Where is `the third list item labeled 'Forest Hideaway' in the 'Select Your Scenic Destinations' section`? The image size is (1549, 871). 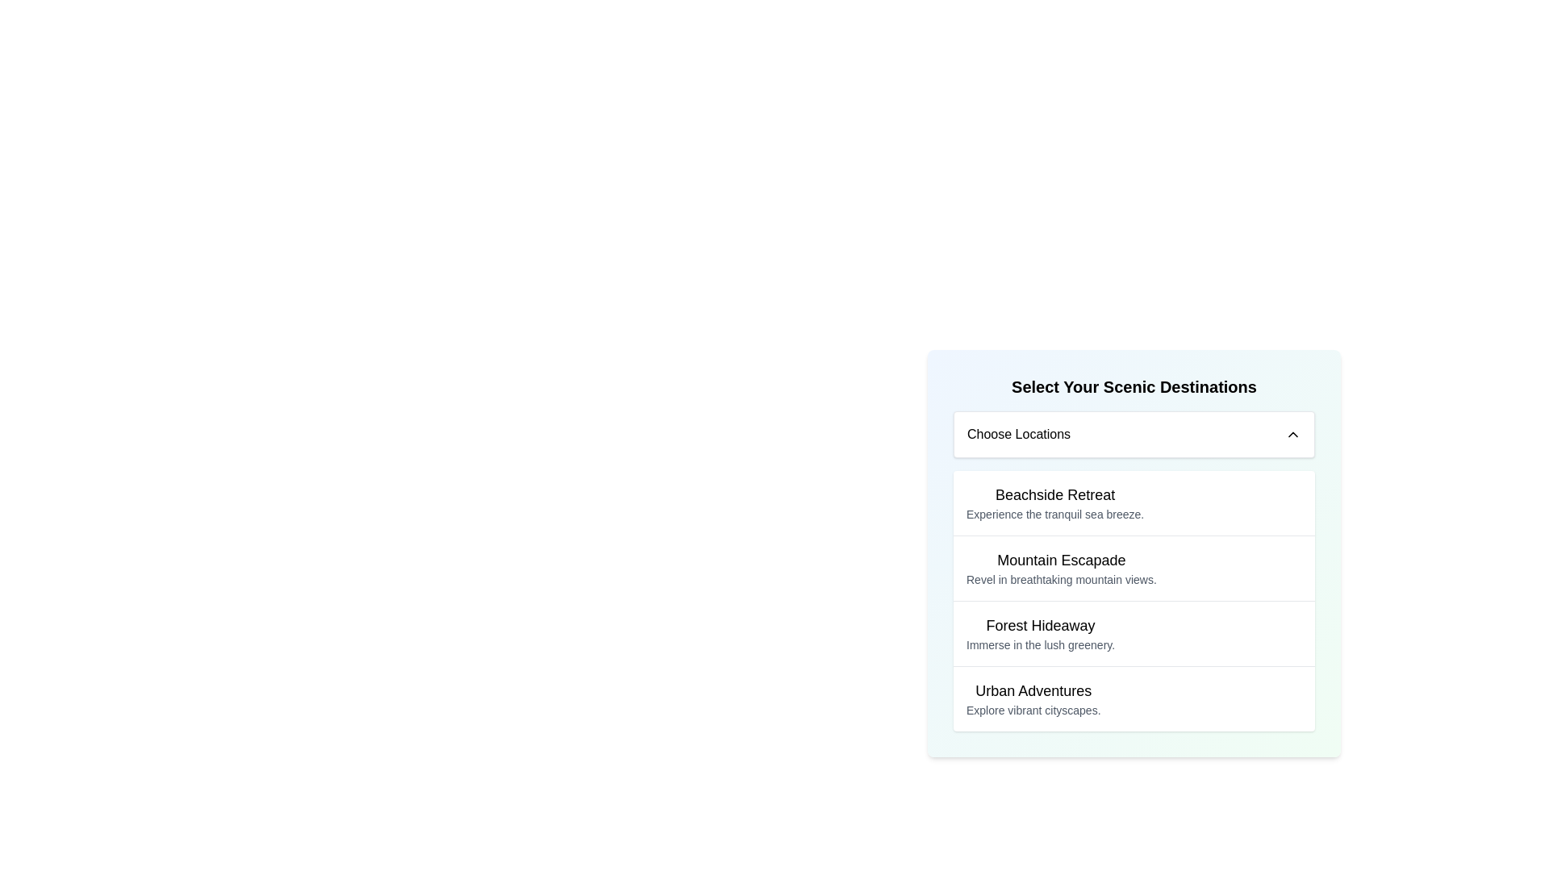
the third list item labeled 'Forest Hideaway' in the 'Select Your Scenic Destinations' section is located at coordinates (1134, 600).